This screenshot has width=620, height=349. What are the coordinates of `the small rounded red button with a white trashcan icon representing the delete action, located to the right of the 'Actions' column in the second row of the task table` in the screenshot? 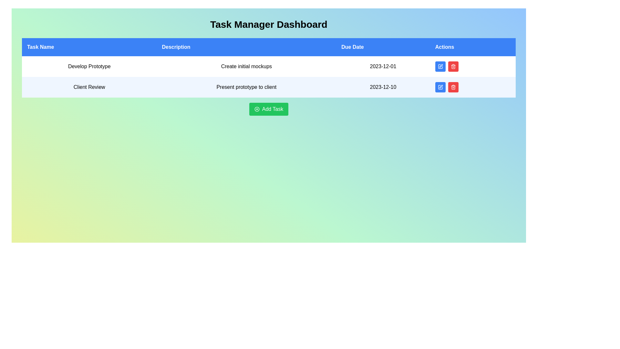 It's located at (453, 87).